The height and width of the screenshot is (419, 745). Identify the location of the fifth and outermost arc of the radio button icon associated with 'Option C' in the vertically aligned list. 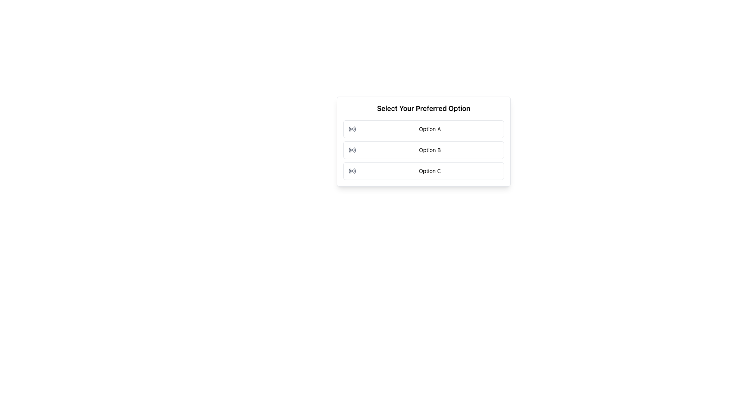
(355, 170).